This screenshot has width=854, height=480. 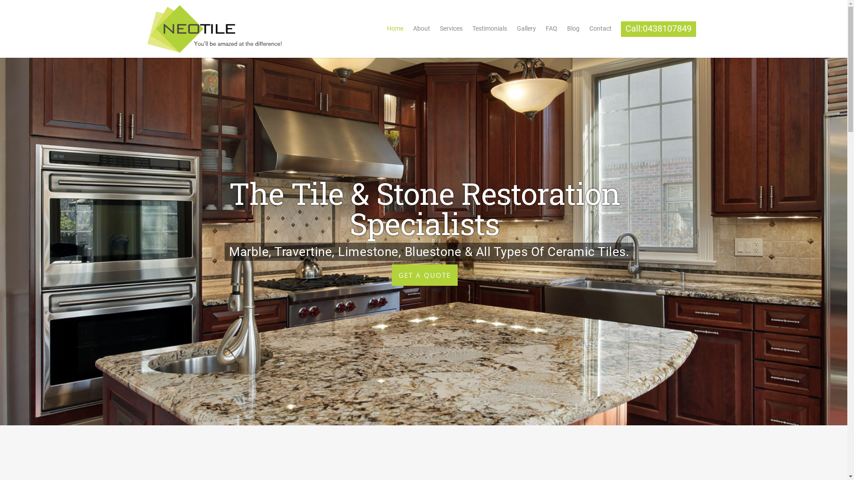 What do you see at coordinates (424, 274) in the screenshot?
I see `'GET A QUOTE'` at bounding box center [424, 274].